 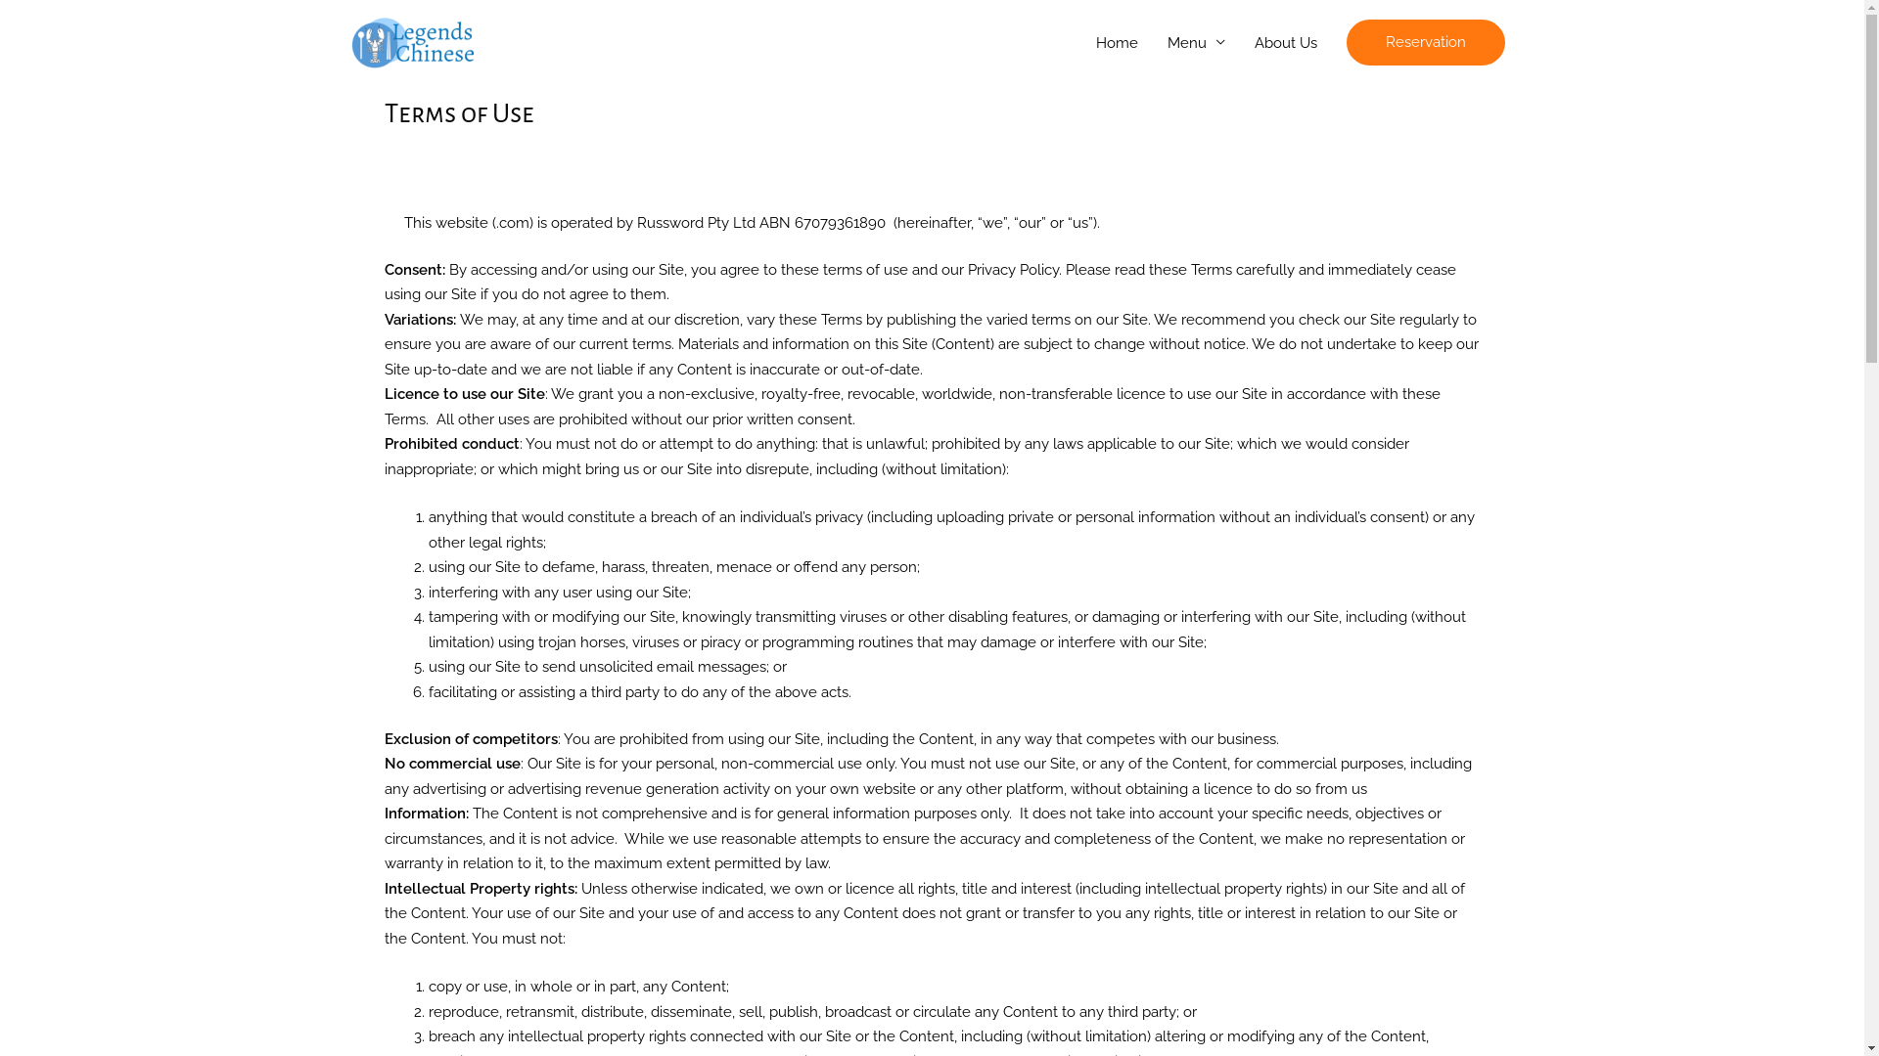 I want to click on 'Home', so click(x=1116, y=42).